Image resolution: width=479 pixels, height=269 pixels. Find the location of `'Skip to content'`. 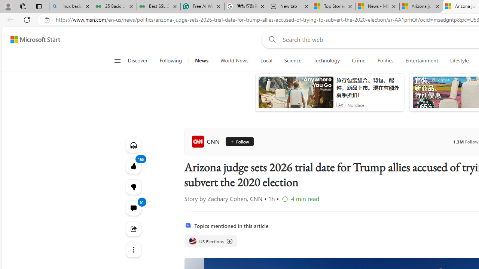

'Skip to content' is located at coordinates (32, 39).